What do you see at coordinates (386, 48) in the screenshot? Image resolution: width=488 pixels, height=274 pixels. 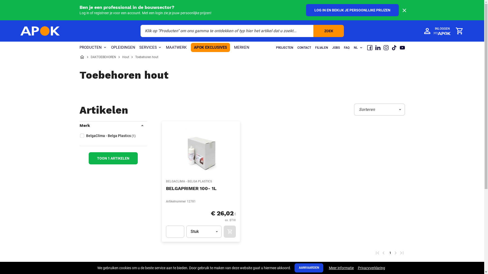 I see `'Instagram'` at bounding box center [386, 48].